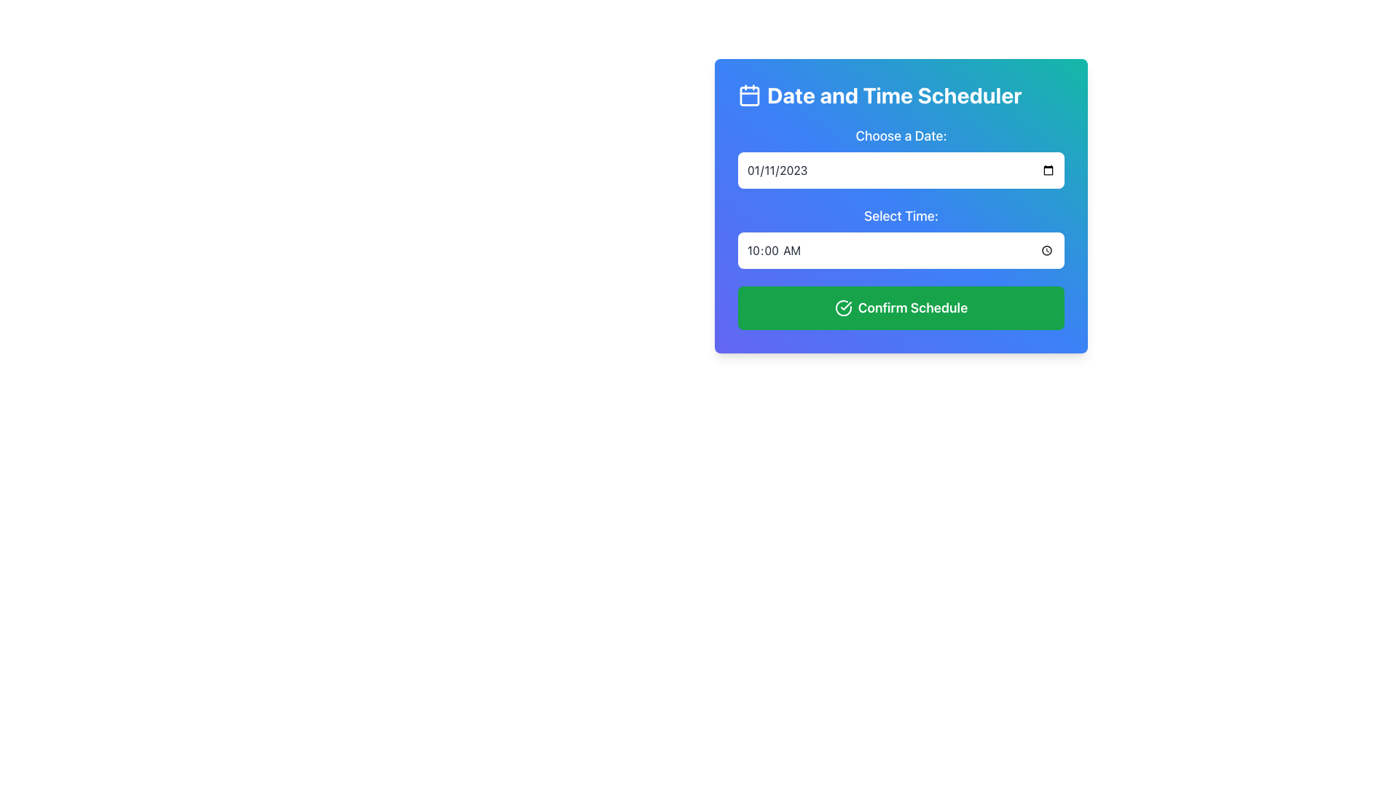 The image size is (1399, 787). I want to click on the checkmark icon within the green 'Confirm Schedule' button to observe the visual feedback upon interaction, so click(846, 305).